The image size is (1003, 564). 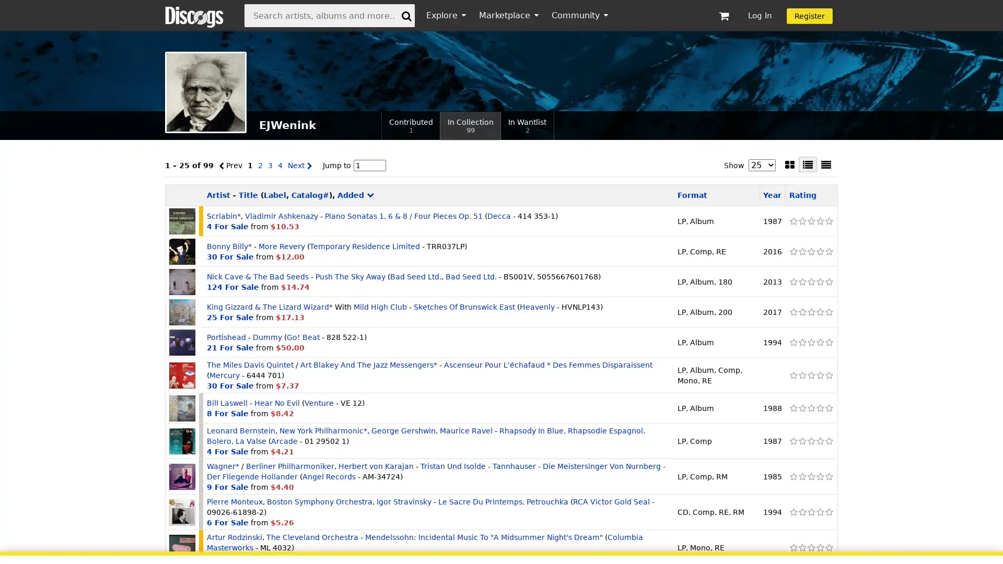 What do you see at coordinates (793, 441) in the screenshot?
I see `Rate this release 1 star.` at bounding box center [793, 441].